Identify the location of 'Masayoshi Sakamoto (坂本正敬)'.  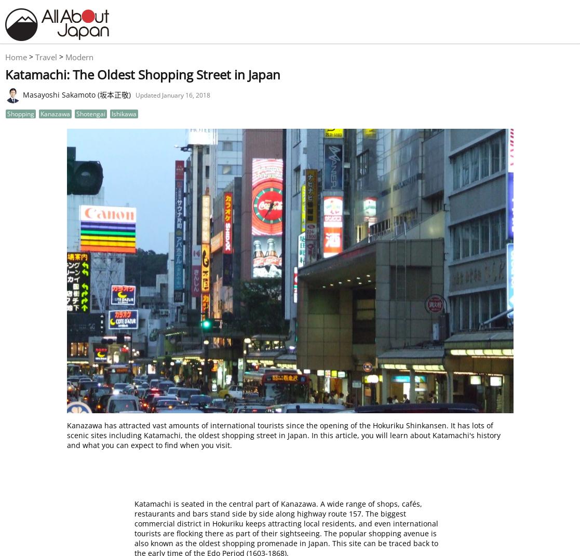
(77, 93).